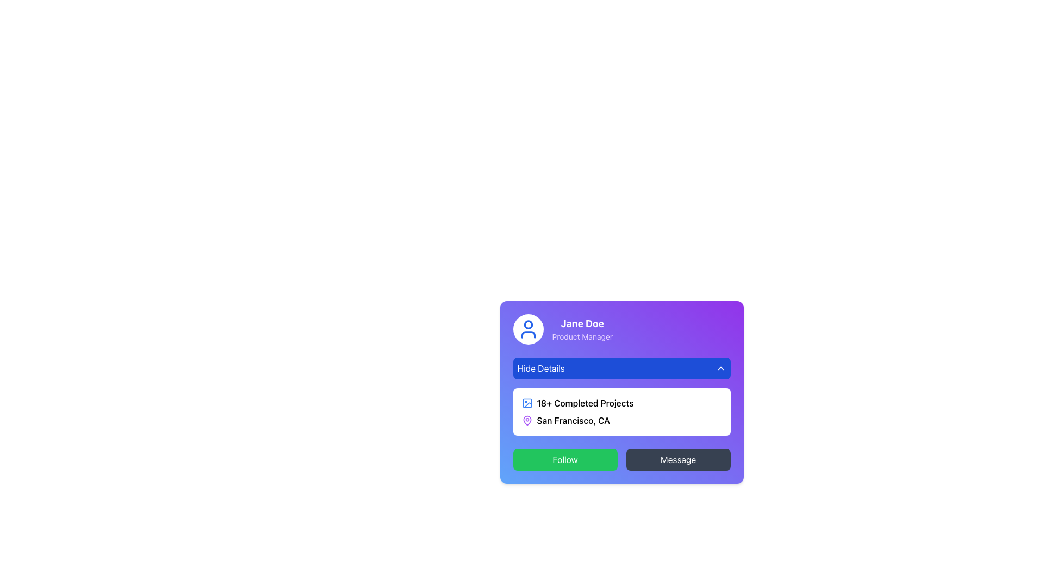 This screenshot has height=587, width=1044. What do you see at coordinates (720, 368) in the screenshot?
I see `the chevron icon associated with the 'Hide Details' button` at bounding box center [720, 368].